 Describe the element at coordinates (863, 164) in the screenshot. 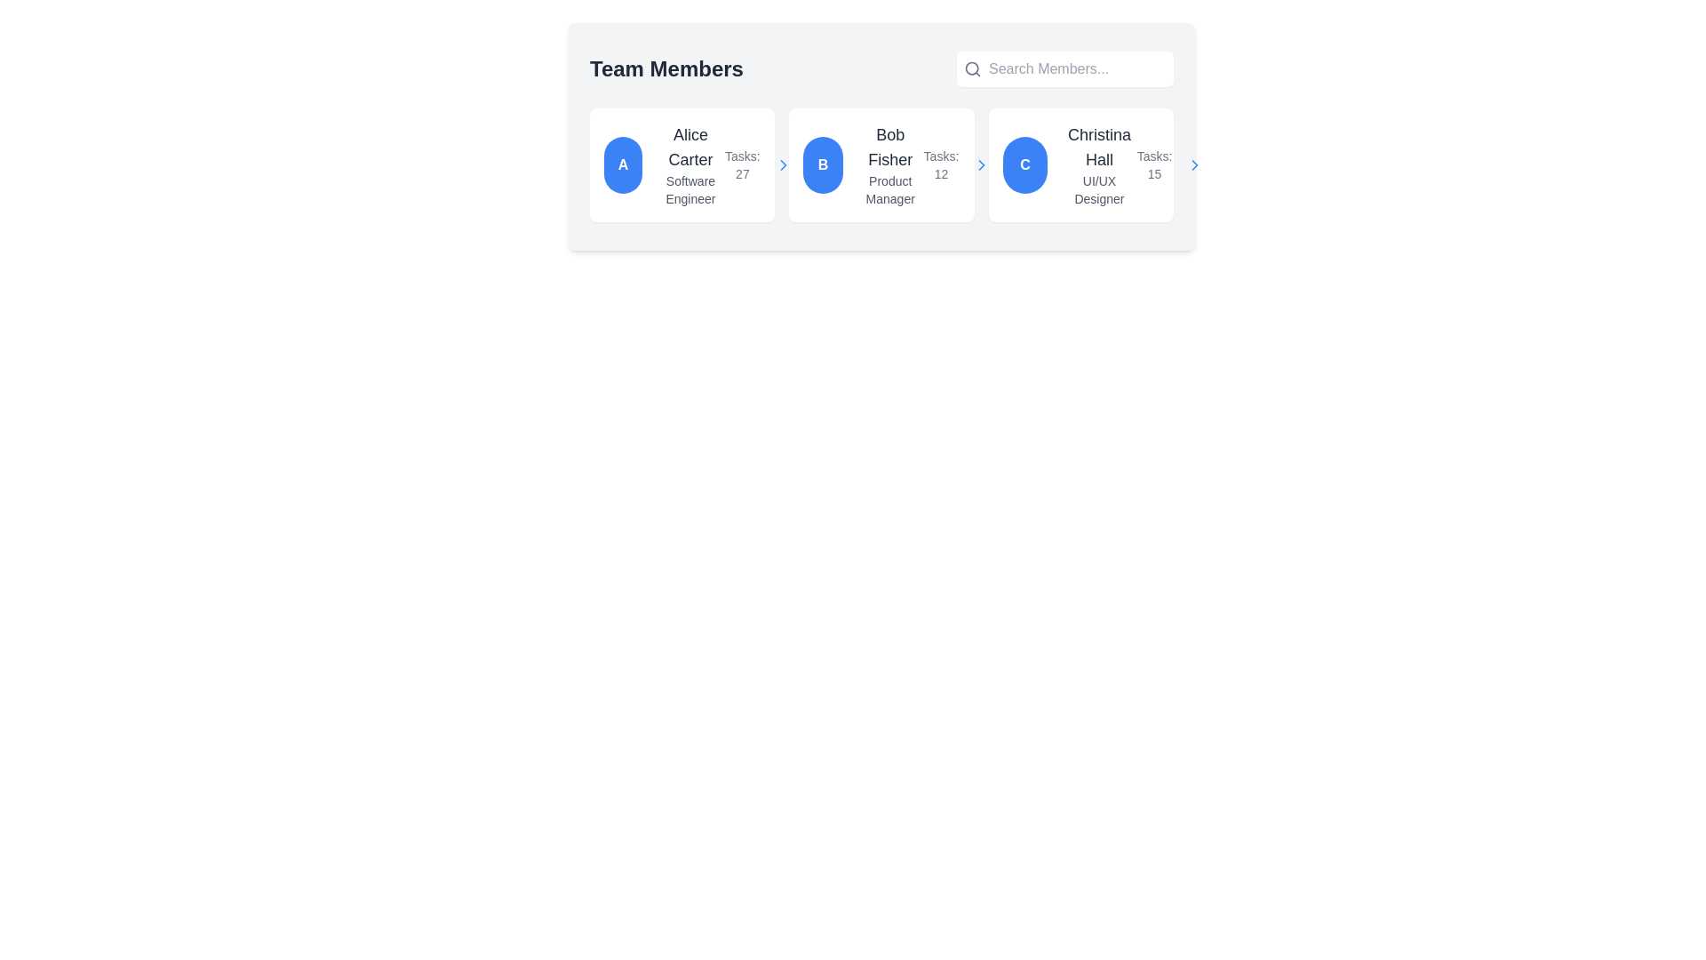

I see `the User profile card displaying initials, name, and job title, which is the second card from the left in a row of similar profile cards` at that location.